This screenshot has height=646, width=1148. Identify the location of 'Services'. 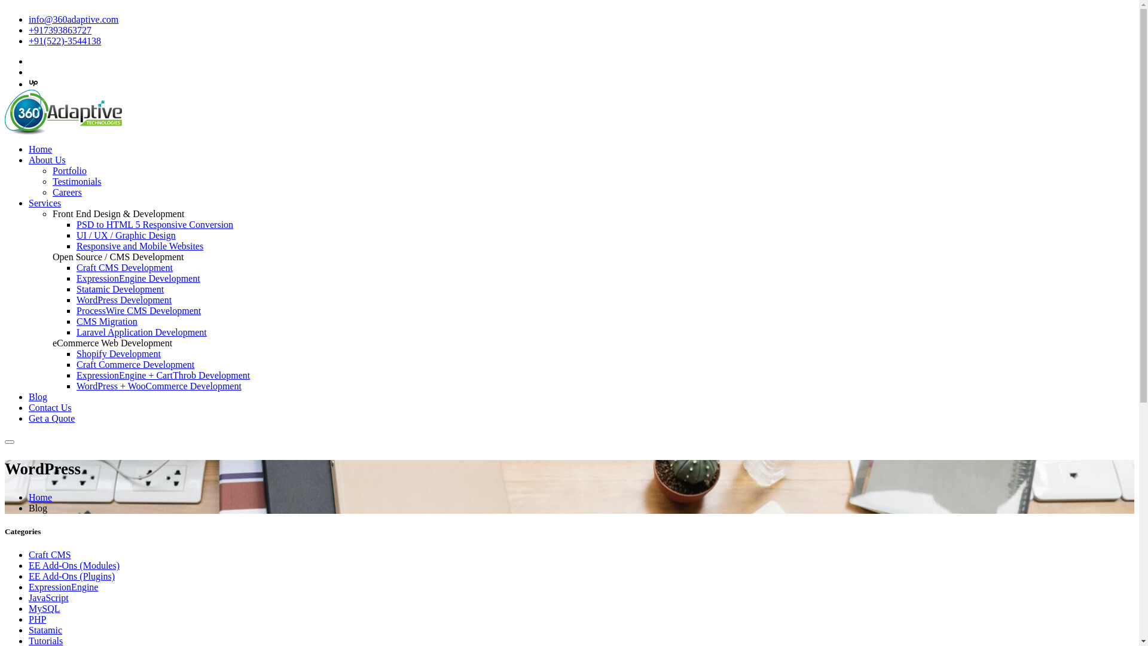
(45, 202).